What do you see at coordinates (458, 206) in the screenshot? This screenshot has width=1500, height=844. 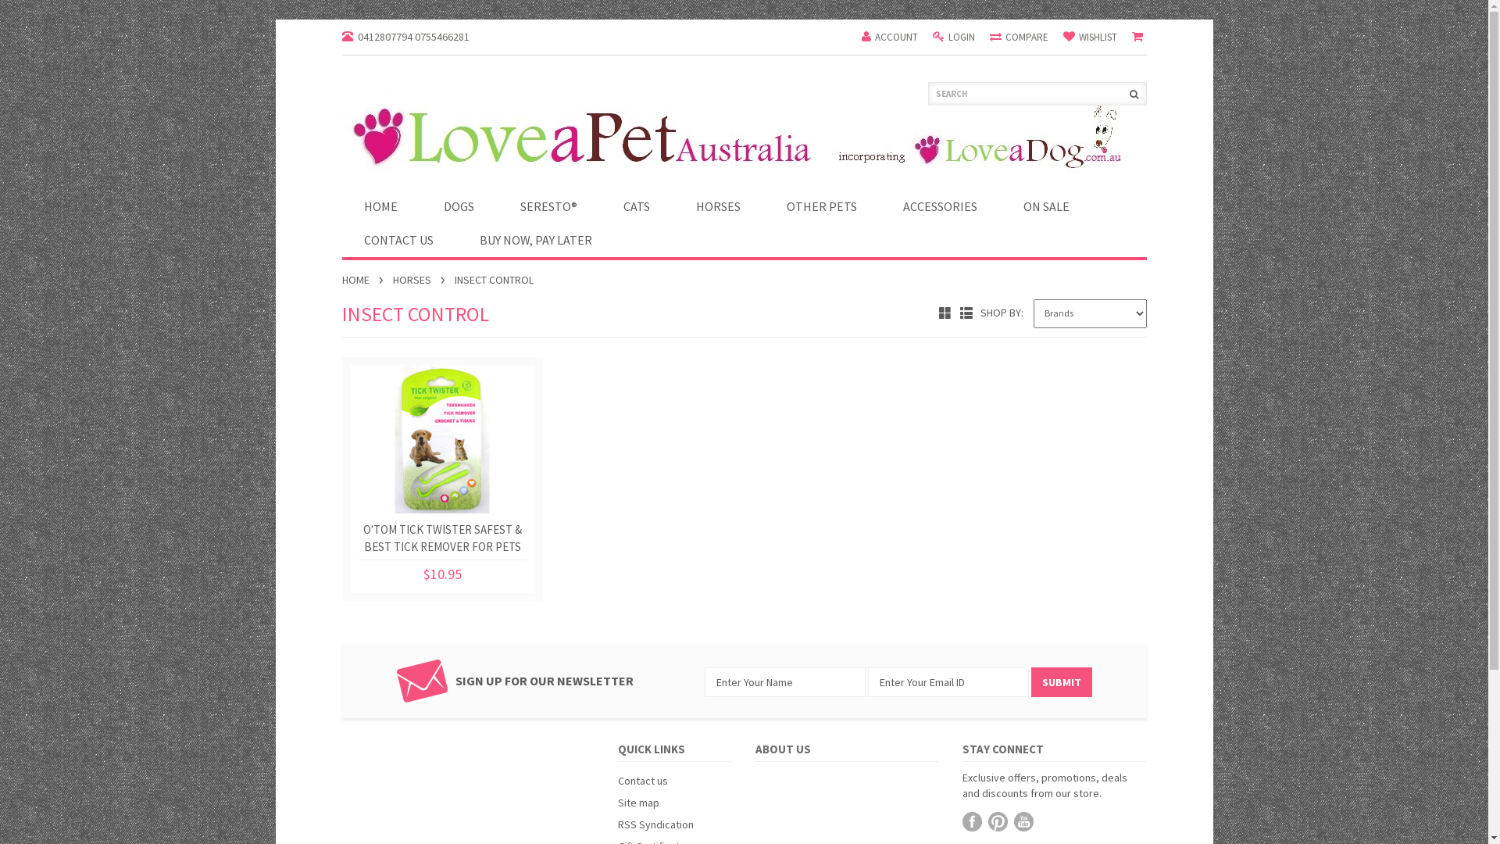 I see `'DOGS'` at bounding box center [458, 206].